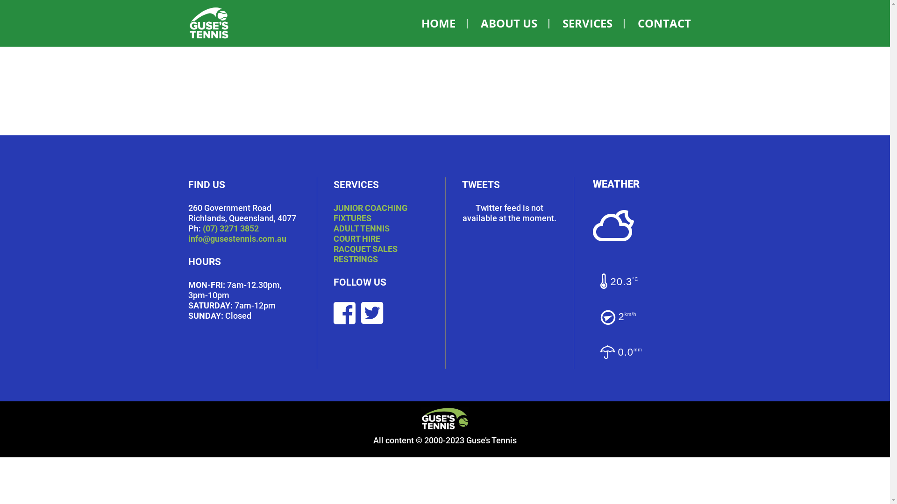  I want to click on 'RACQUET SALES', so click(334, 248).